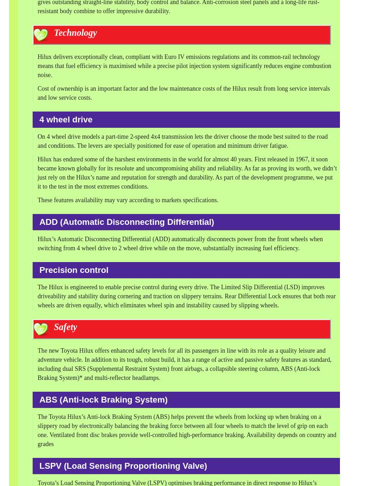 The height and width of the screenshot is (486, 383). I want to click on '4 wheel drive', so click(39, 119).